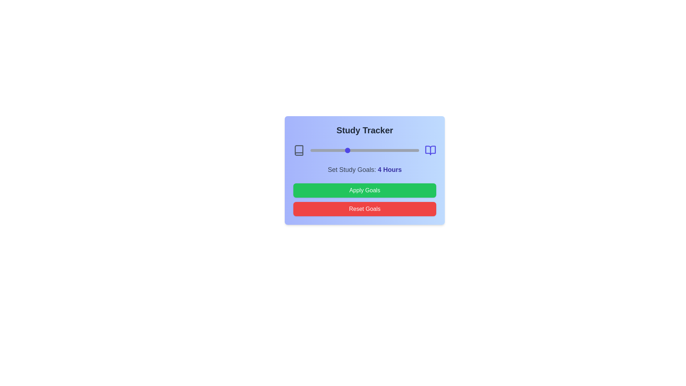  I want to click on the 'Reset Goals' button, so click(365, 209).